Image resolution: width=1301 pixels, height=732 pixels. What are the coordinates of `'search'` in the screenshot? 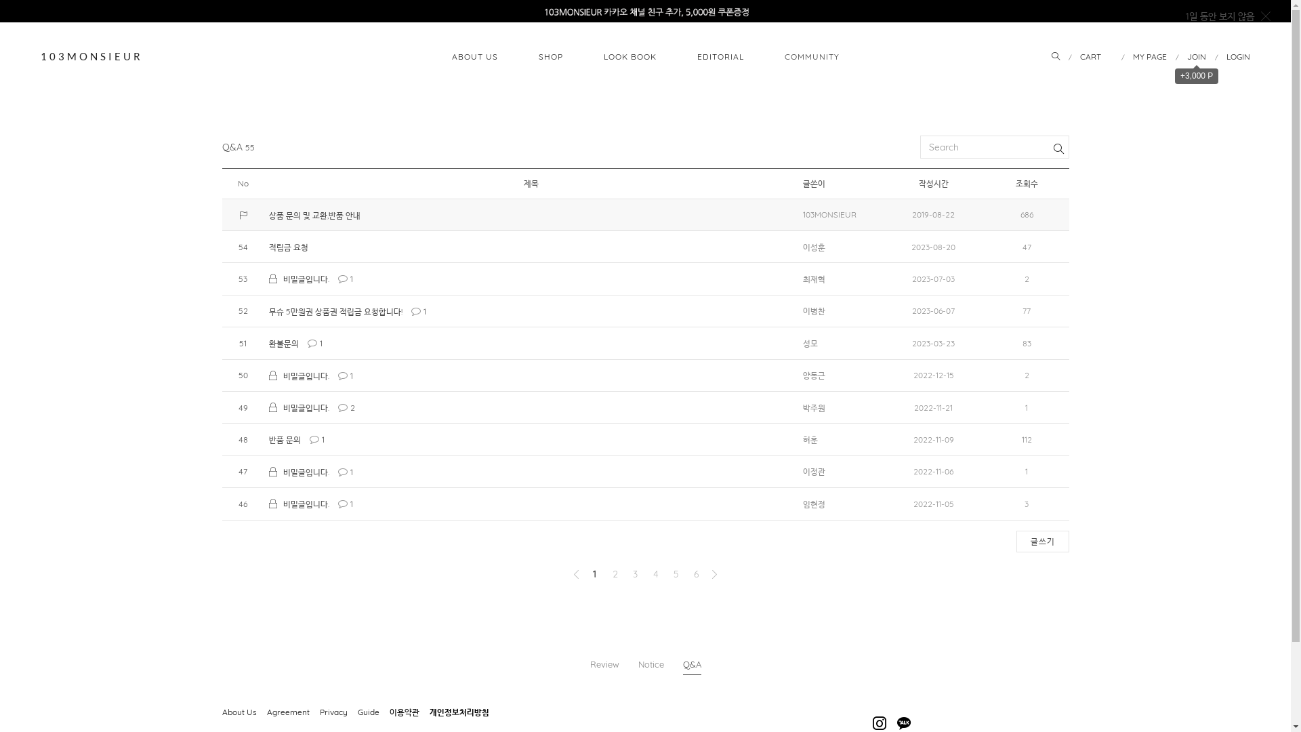 It's located at (995, 146).